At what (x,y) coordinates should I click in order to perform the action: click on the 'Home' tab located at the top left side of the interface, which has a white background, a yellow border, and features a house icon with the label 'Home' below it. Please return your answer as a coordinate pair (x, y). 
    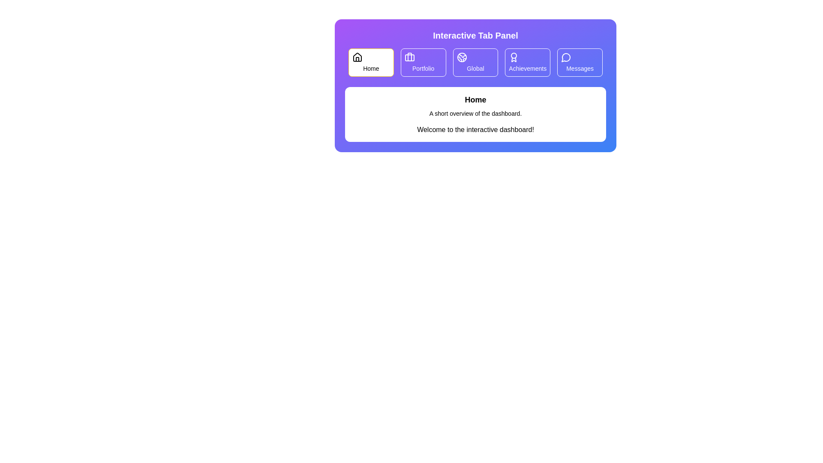
    Looking at the image, I should click on (371, 62).